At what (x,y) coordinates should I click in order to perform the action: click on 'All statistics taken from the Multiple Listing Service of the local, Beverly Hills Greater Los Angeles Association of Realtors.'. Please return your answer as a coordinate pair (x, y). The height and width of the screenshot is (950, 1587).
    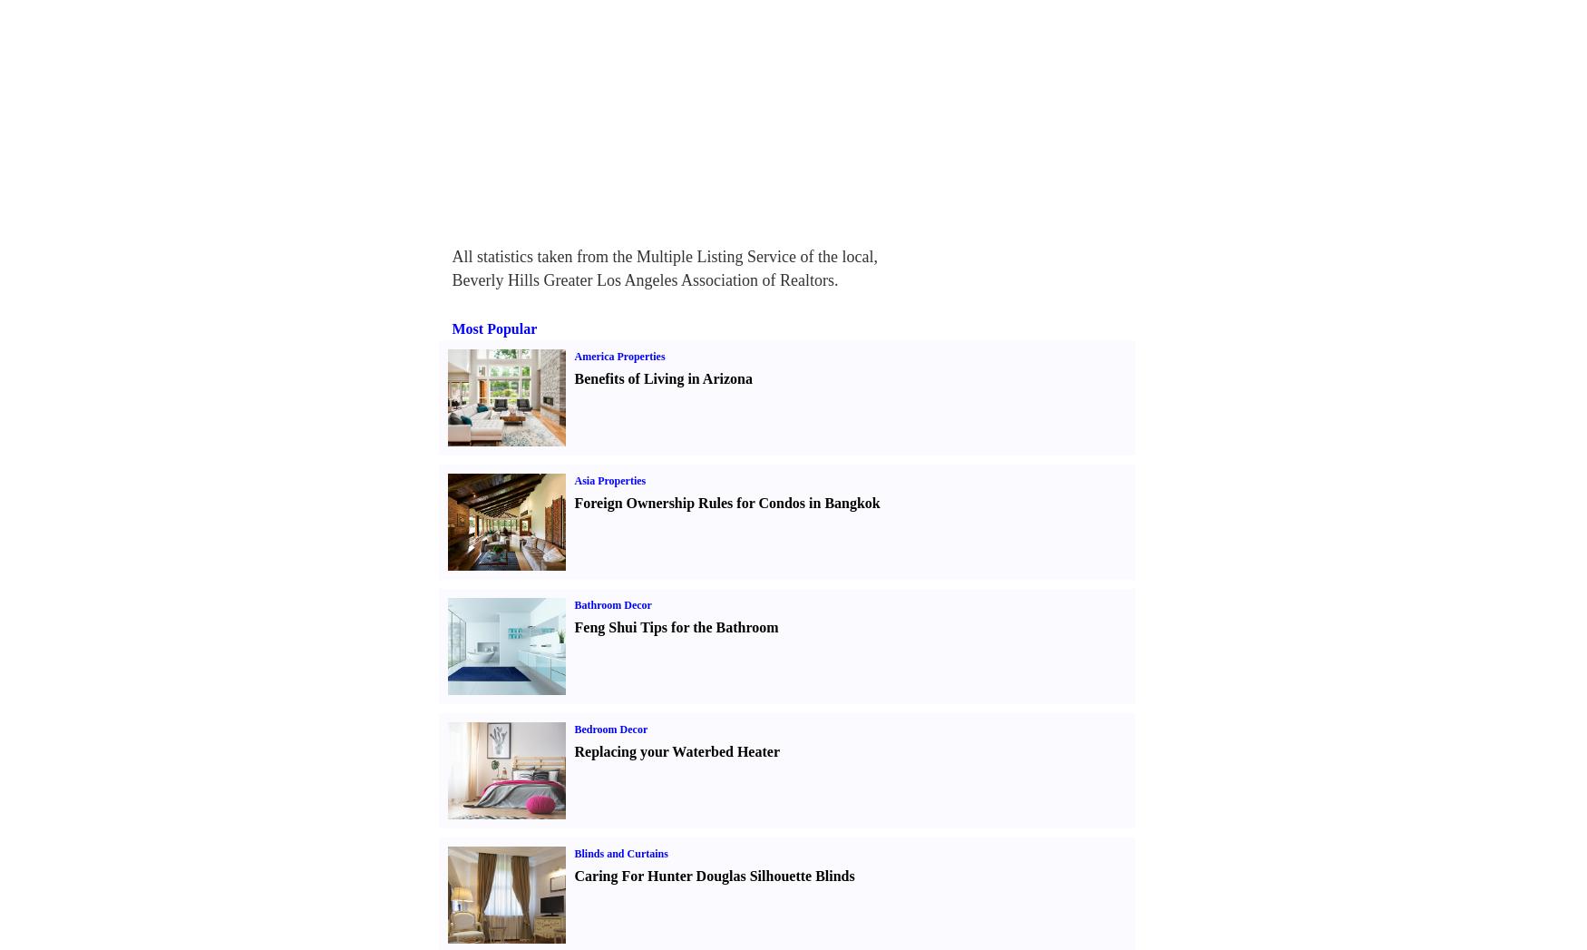
    Looking at the image, I should click on (664, 267).